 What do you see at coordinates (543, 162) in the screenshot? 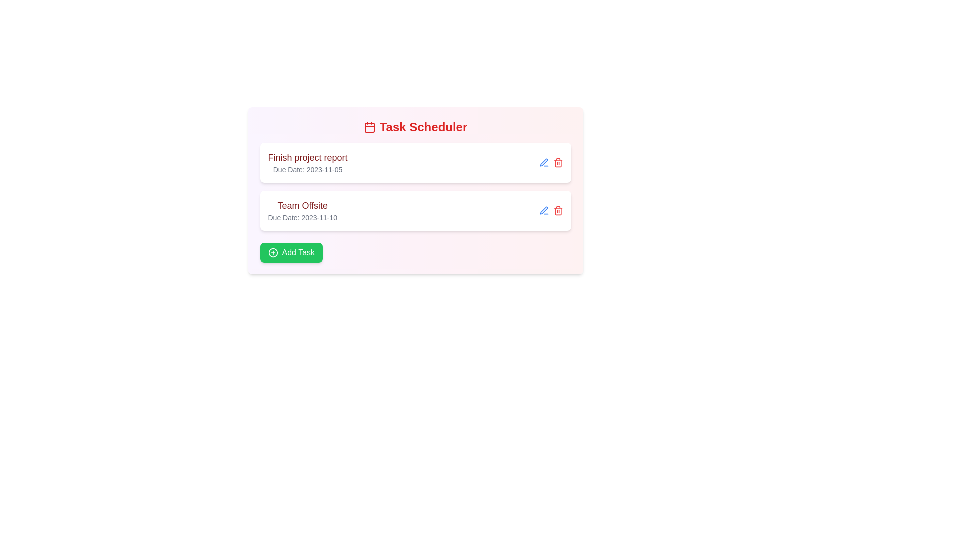
I see `the edit icon for the task labeled 'Finish project report'` at bounding box center [543, 162].